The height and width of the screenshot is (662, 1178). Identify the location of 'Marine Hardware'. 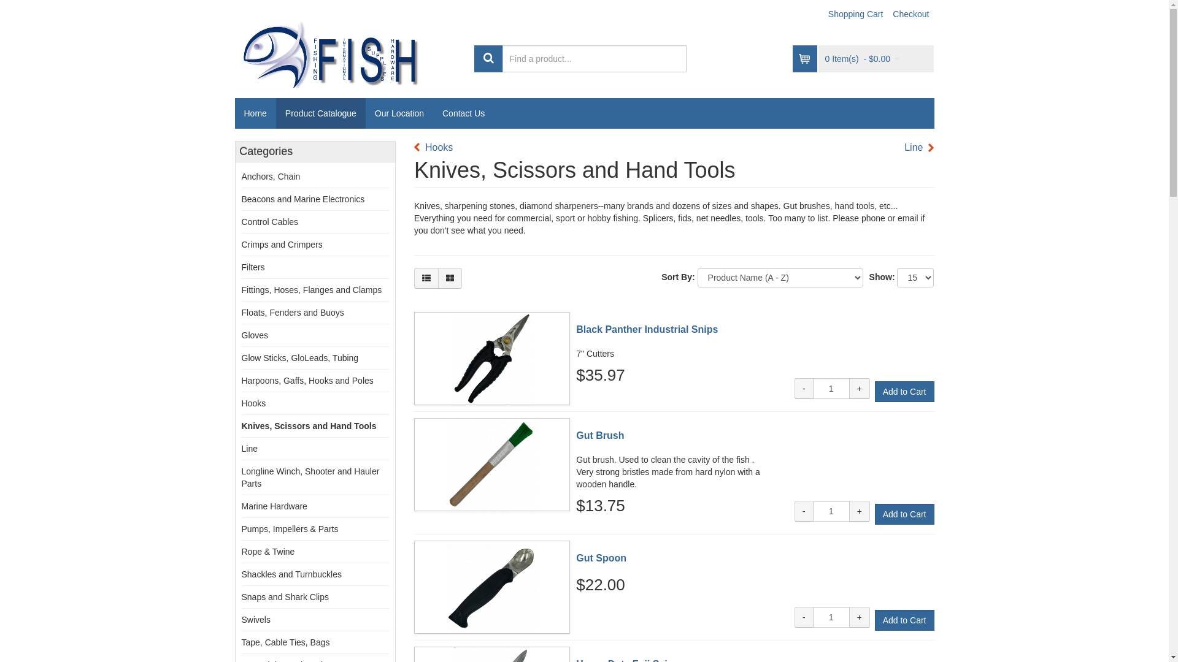
(274, 506).